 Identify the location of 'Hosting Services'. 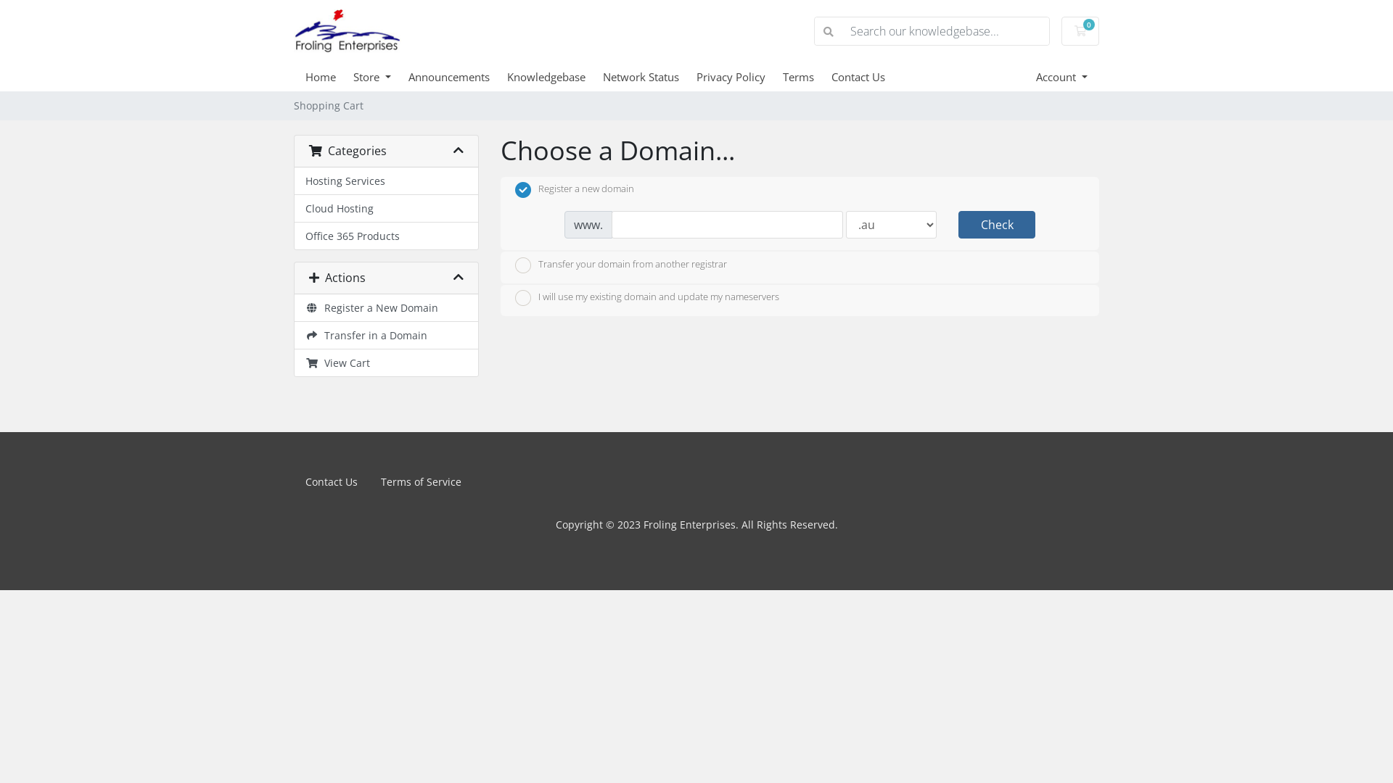
(386, 181).